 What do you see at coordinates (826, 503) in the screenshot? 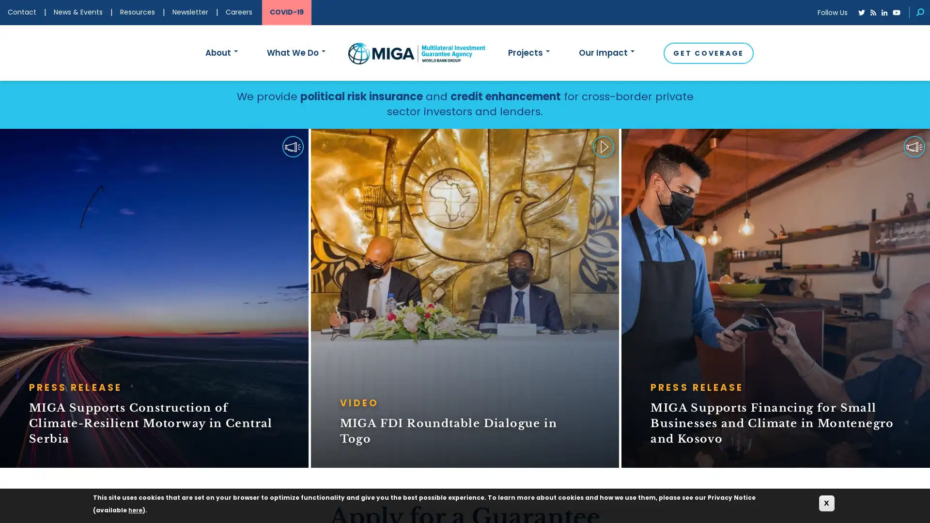
I see `X` at bounding box center [826, 503].